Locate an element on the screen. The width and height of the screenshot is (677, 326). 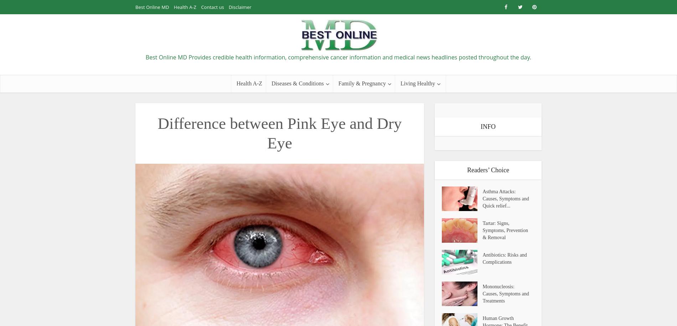
'Contact us' is located at coordinates (201, 7).